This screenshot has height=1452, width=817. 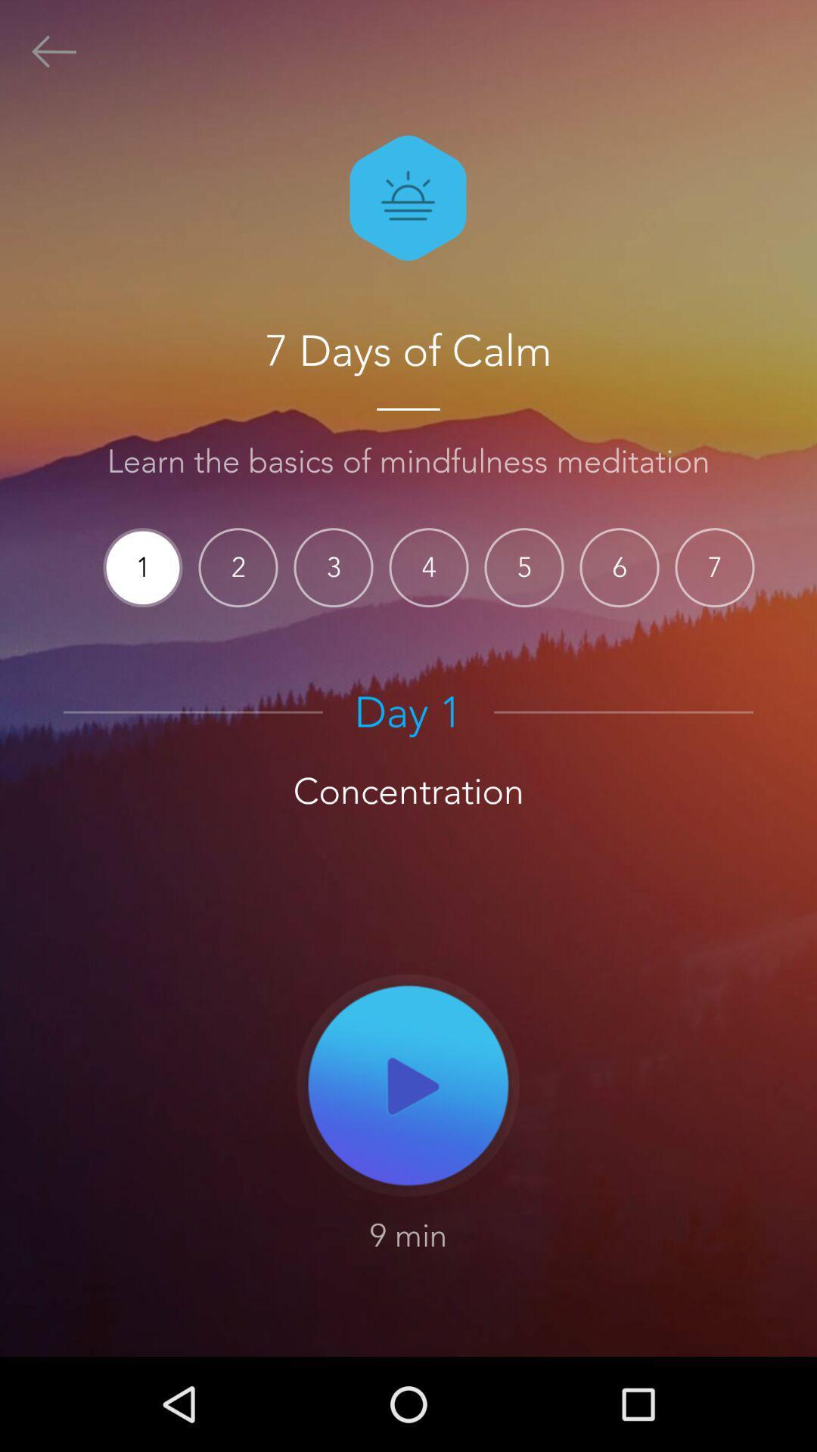 I want to click on icon above the 9 min icon, so click(x=408, y=1084).